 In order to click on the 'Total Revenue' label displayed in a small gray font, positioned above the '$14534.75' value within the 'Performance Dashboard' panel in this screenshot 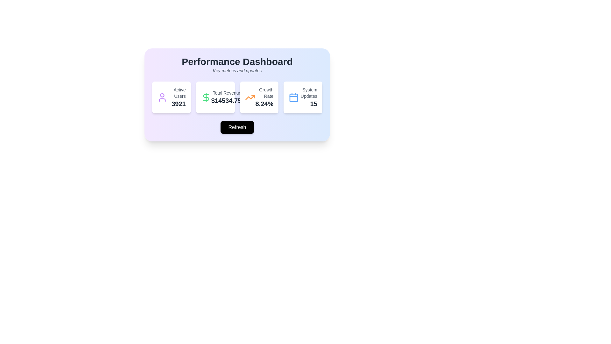, I will do `click(226, 93)`.